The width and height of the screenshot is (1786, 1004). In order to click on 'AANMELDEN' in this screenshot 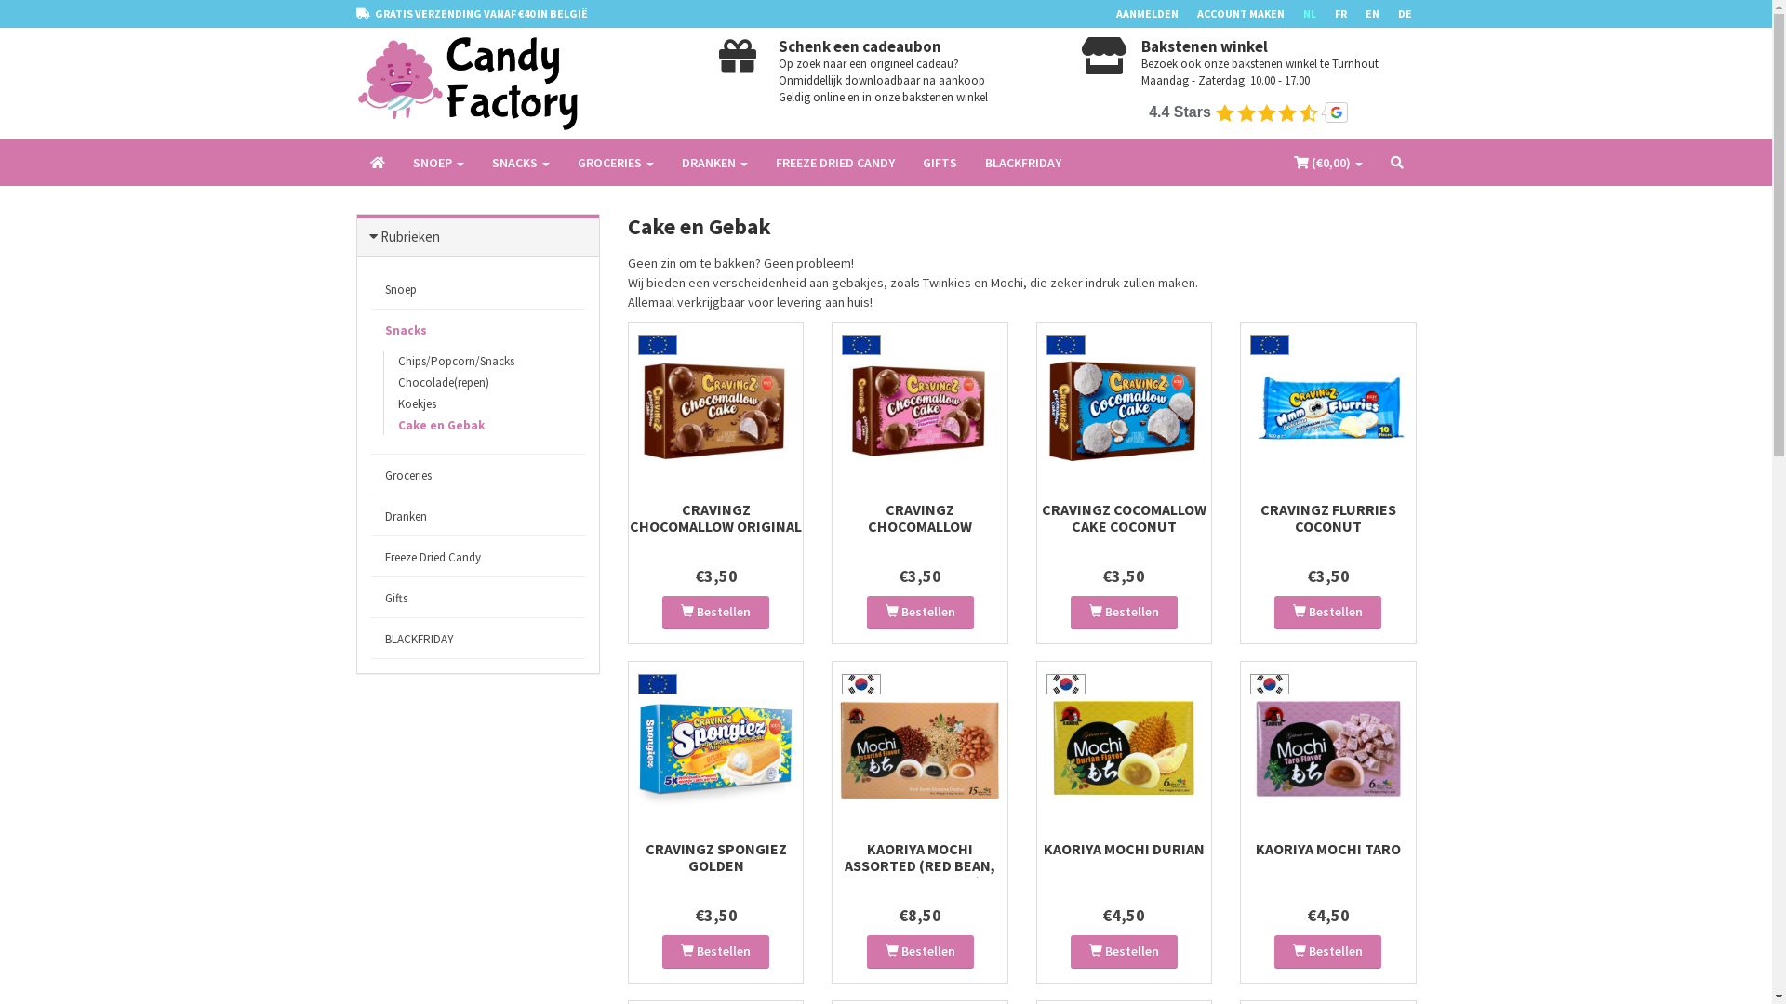, I will do `click(1155, 14)`.